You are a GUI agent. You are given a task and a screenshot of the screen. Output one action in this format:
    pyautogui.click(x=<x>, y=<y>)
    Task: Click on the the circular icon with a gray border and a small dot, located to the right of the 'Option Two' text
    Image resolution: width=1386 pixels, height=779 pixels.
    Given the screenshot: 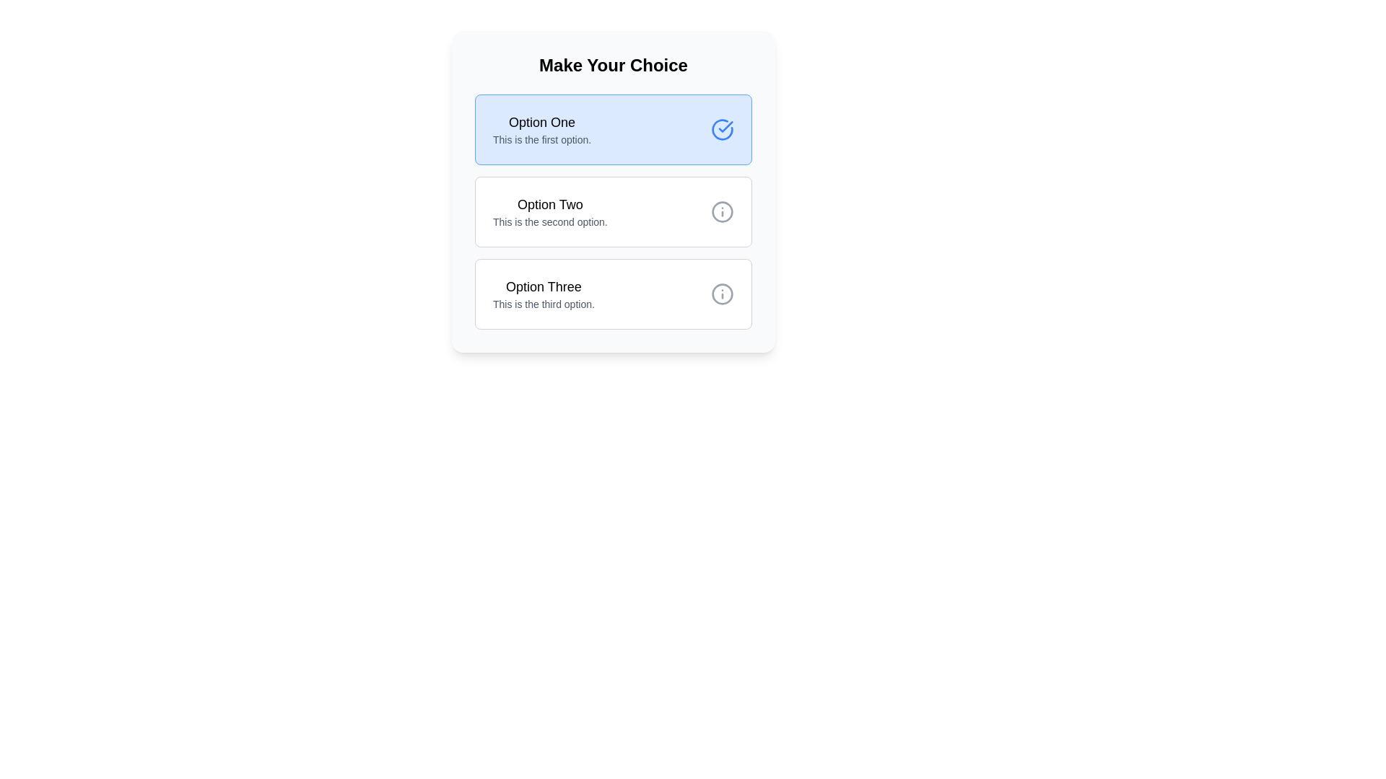 What is the action you would take?
    pyautogui.click(x=723, y=294)
    